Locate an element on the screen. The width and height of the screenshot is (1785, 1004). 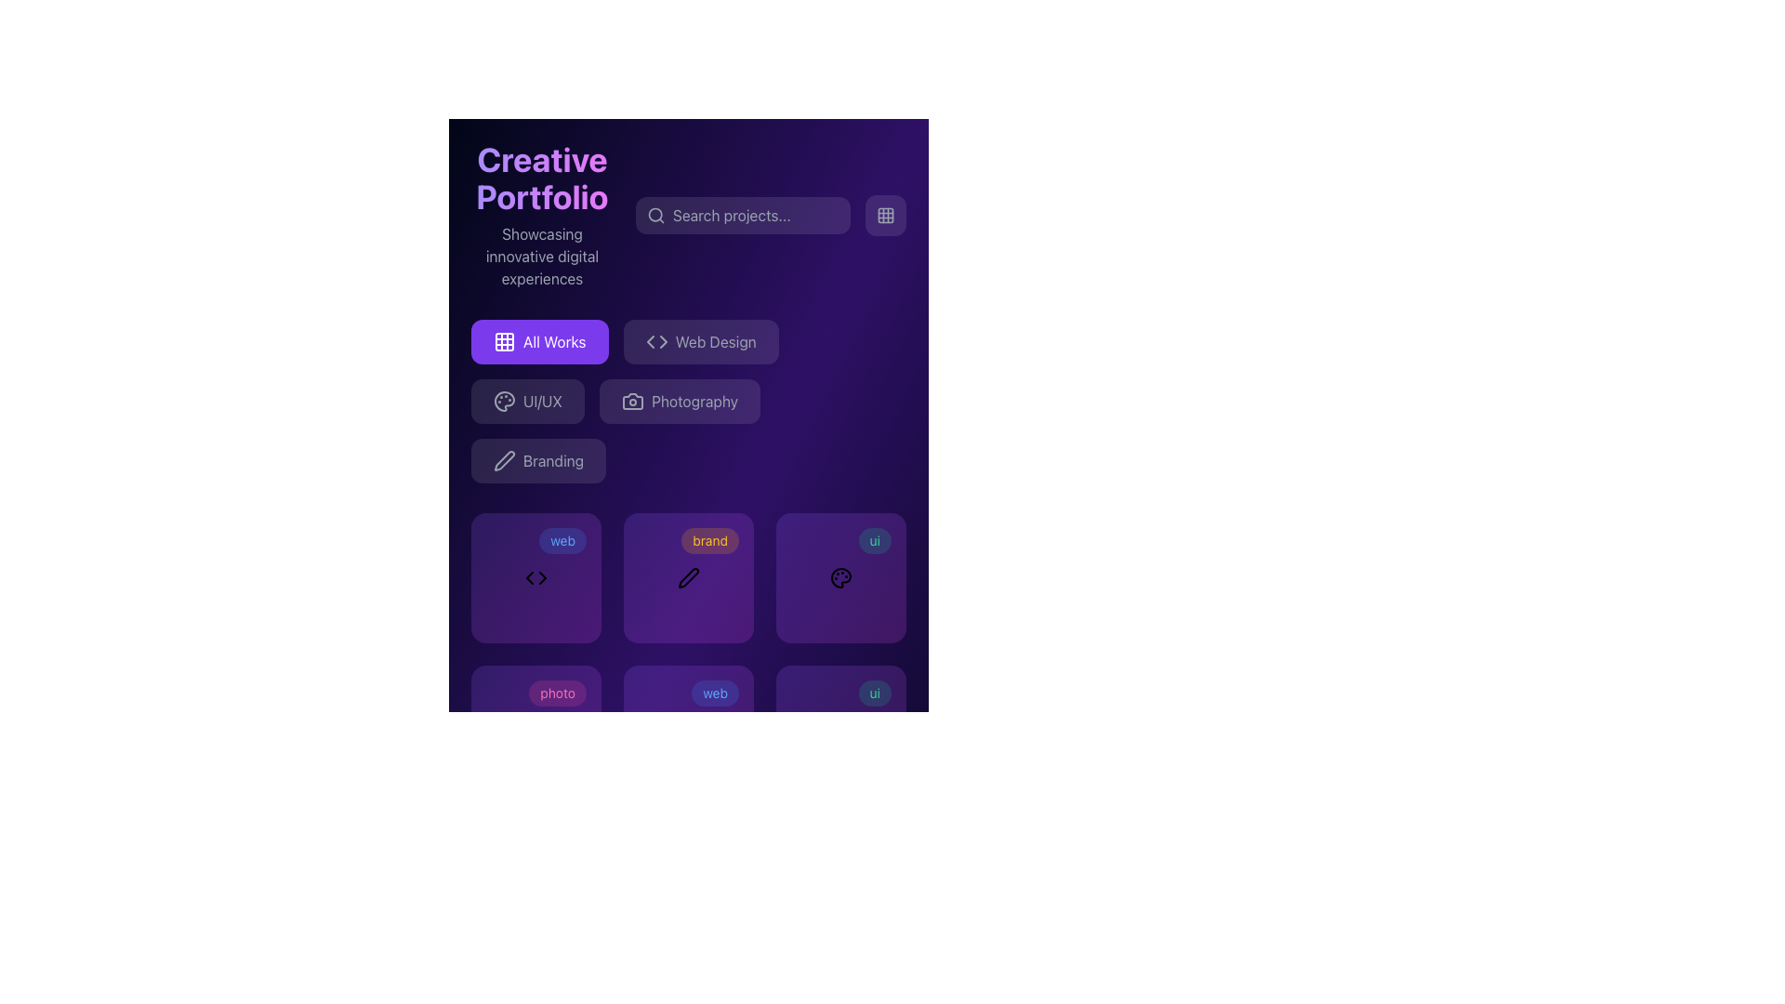
text of the small text badge labeled 'web' with blue text on a rounded rectangular background, located near the bottom-right corner below the 'E-commerce Platform' grid cell is located at coordinates (714, 693).